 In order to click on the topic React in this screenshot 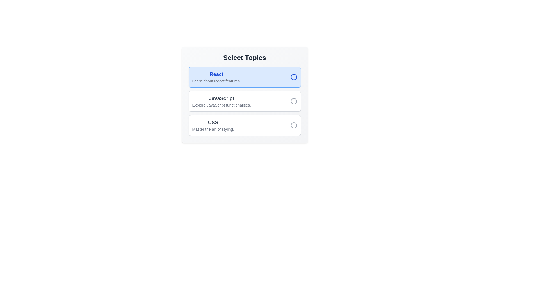, I will do `click(245, 77)`.